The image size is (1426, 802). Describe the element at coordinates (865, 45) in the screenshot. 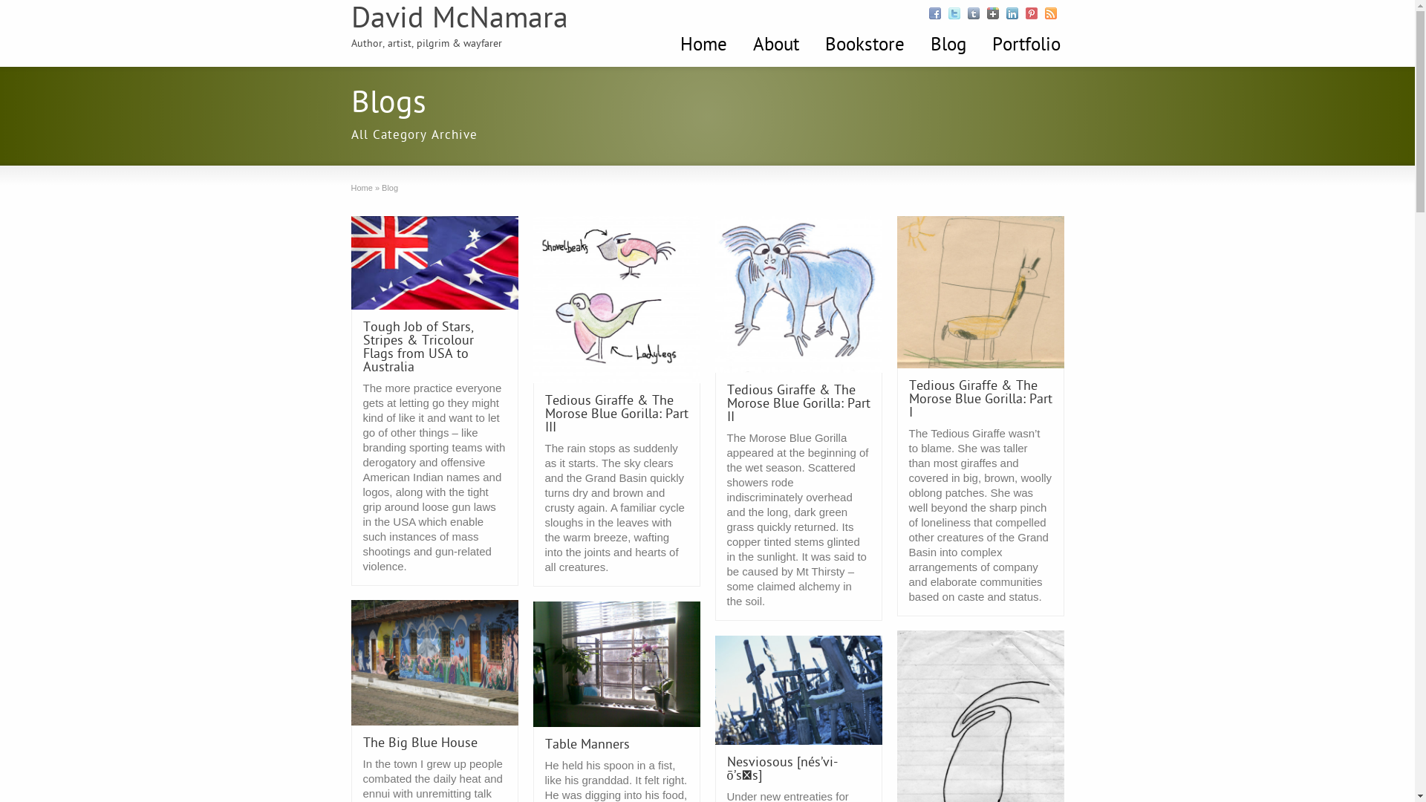

I see `'Bookstore'` at that location.